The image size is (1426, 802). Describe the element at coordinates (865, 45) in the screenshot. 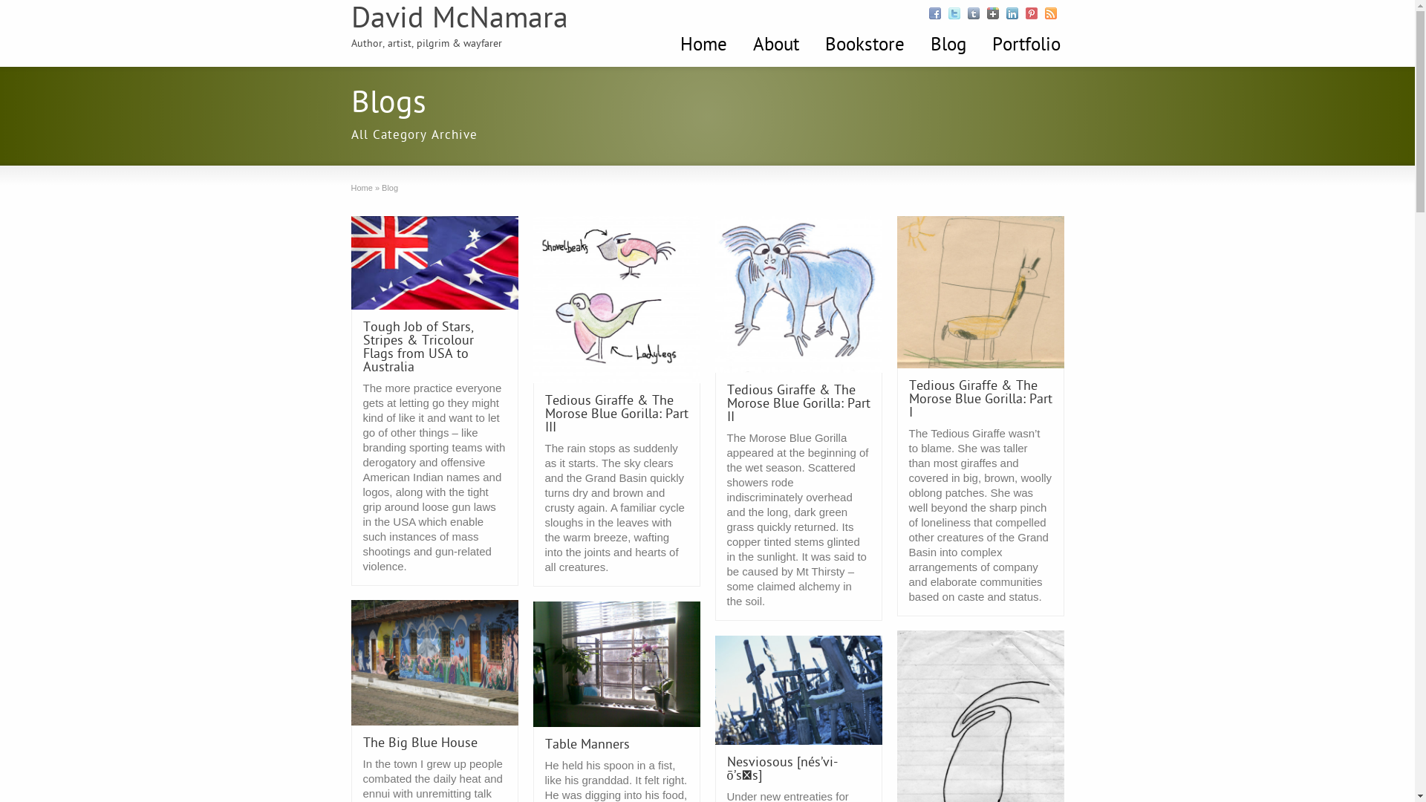

I see `'Bookstore'` at that location.